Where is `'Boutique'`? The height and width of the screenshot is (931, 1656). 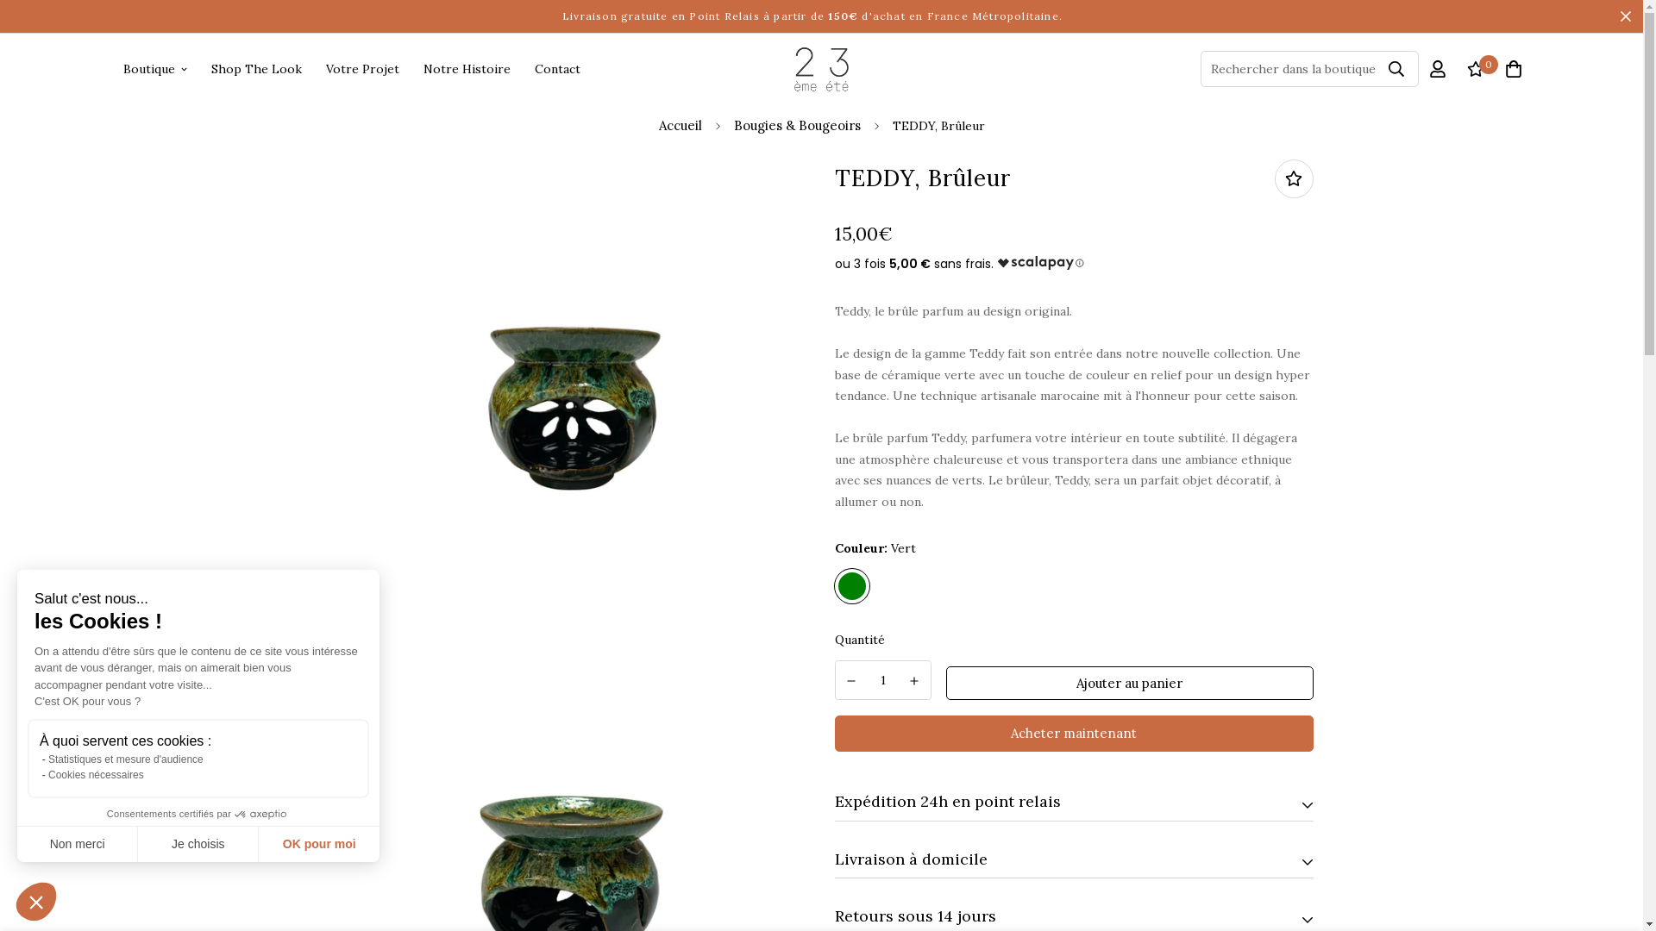 'Boutique' is located at coordinates (154, 68).